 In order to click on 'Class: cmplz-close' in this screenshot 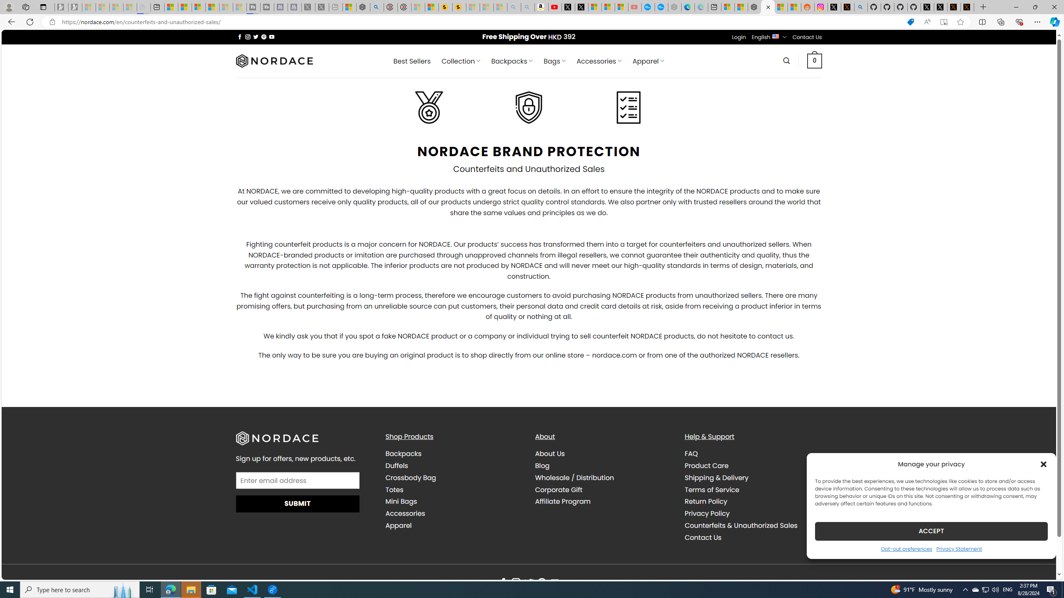, I will do `click(1044, 464)`.